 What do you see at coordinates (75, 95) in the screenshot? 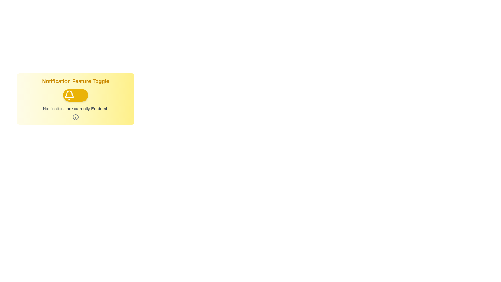
I see `the toggle switch for enabling or disabling notifications located in the 'Notification Feature Toggle' section to switch its state` at bounding box center [75, 95].